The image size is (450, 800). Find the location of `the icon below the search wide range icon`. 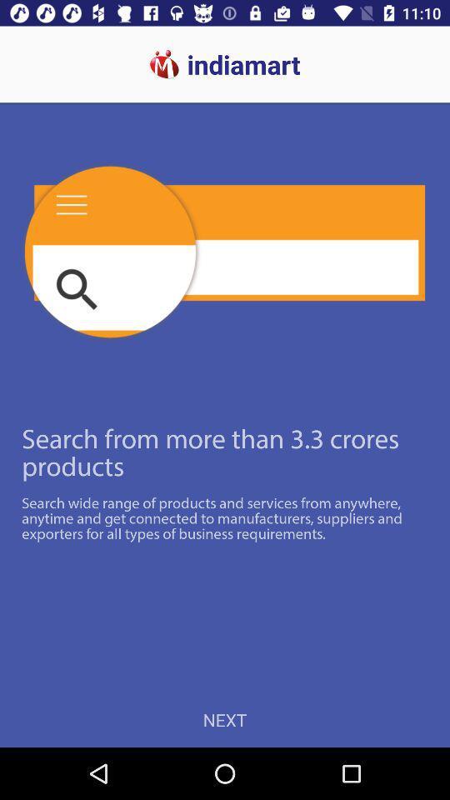

the icon below the search wide range icon is located at coordinates (225, 719).